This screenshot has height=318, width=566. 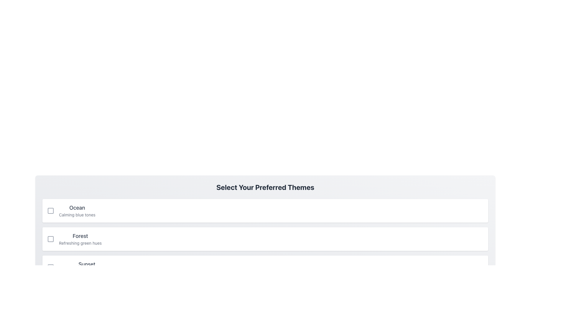 What do you see at coordinates (51, 239) in the screenshot?
I see `the square indicator for the 'Forest' option, which is part of a toggle mechanism visually signifying its state` at bounding box center [51, 239].